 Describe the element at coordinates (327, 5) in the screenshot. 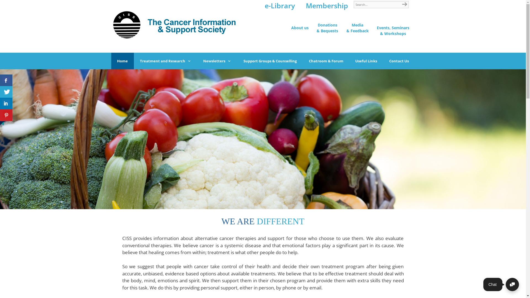

I see `'Membership'` at that location.